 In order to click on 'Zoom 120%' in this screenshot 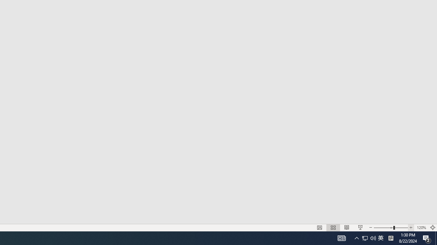, I will do `click(421, 228)`.